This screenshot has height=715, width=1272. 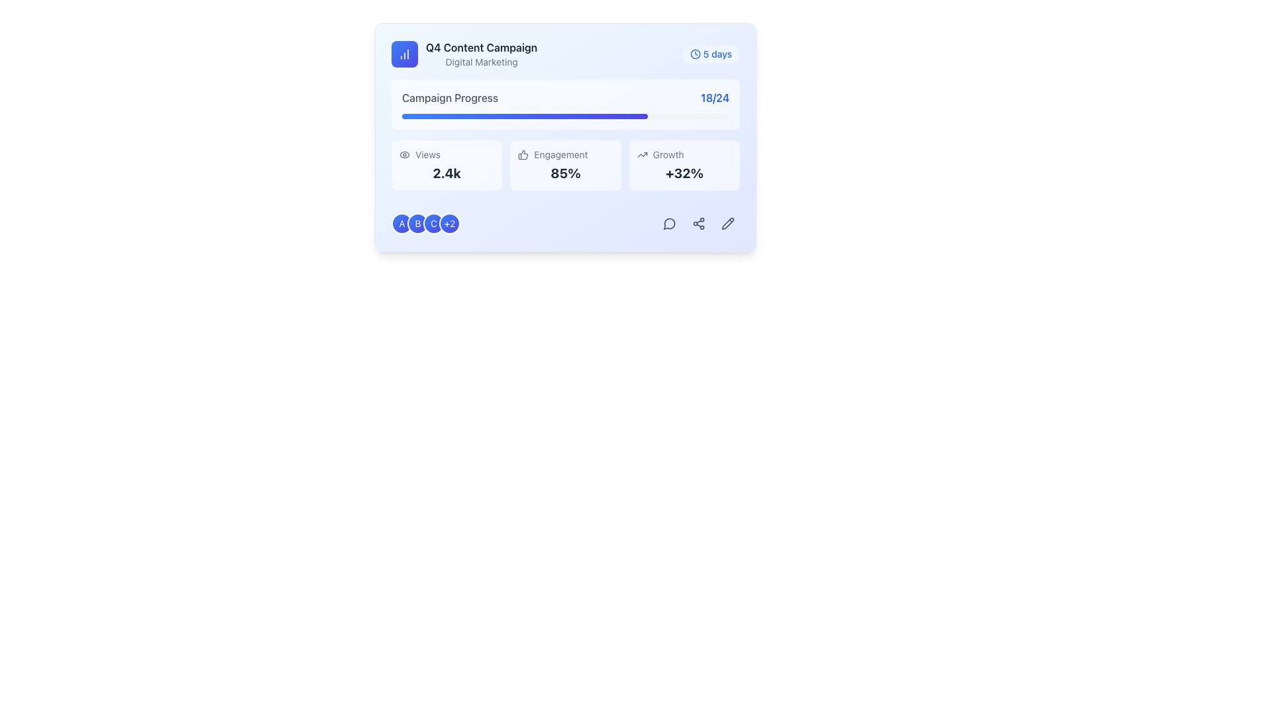 What do you see at coordinates (481, 47) in the screenshot?
I see `Text label that serves as a header indicating the main subject of the content below, positioned above the 'Digital Marketing' text element` at bounding box center [481, 47].